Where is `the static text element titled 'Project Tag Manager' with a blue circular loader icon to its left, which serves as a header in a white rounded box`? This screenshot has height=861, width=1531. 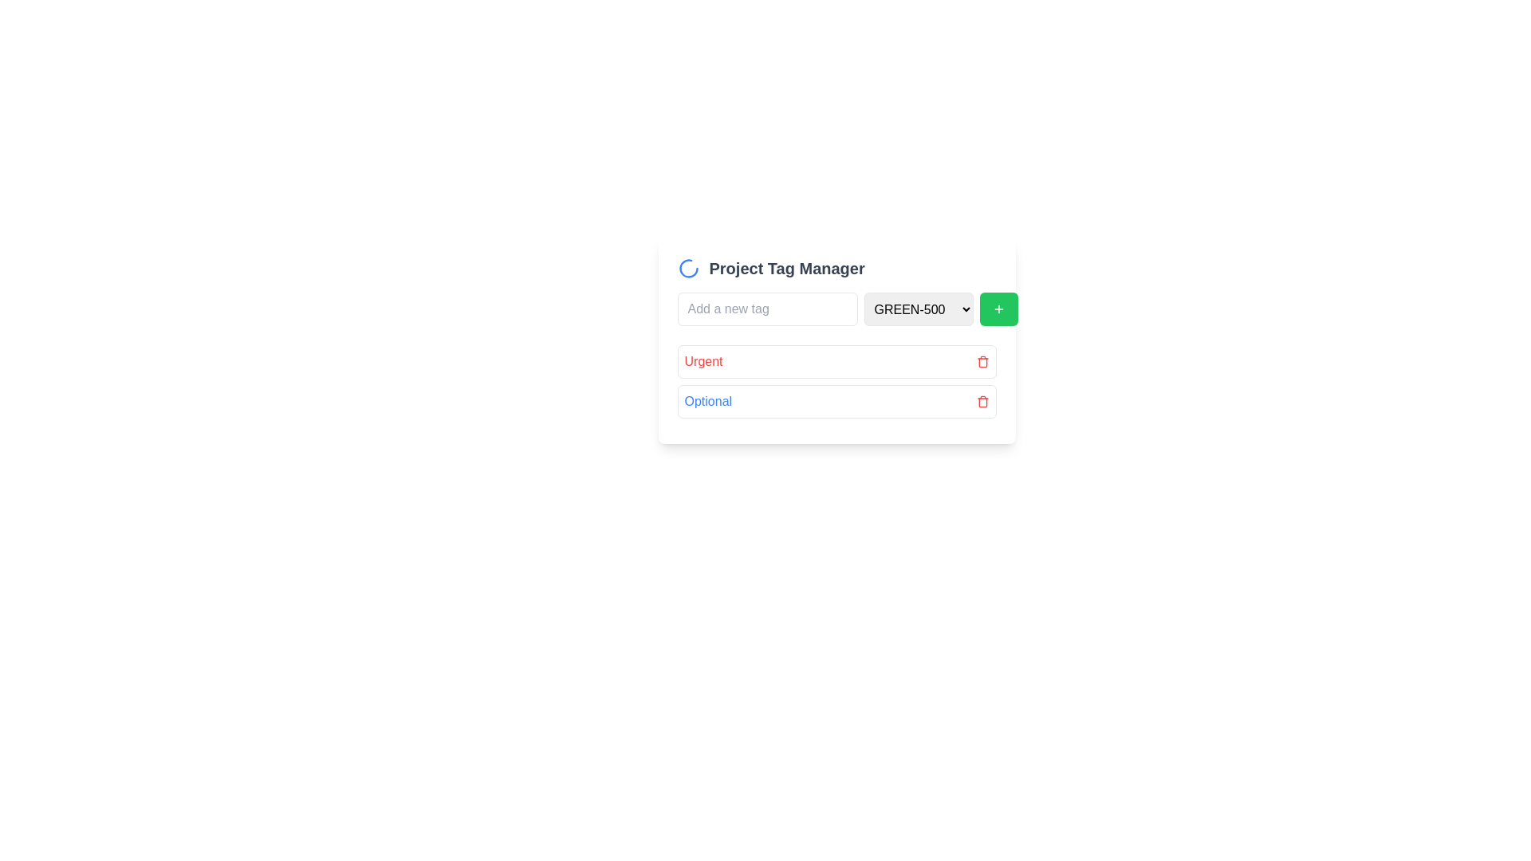 the static text element titled 'Project Tag Manager' with a blue circular loader icon to its left, which serves as a header in a white rounded box is located at coordinates (836, 267).